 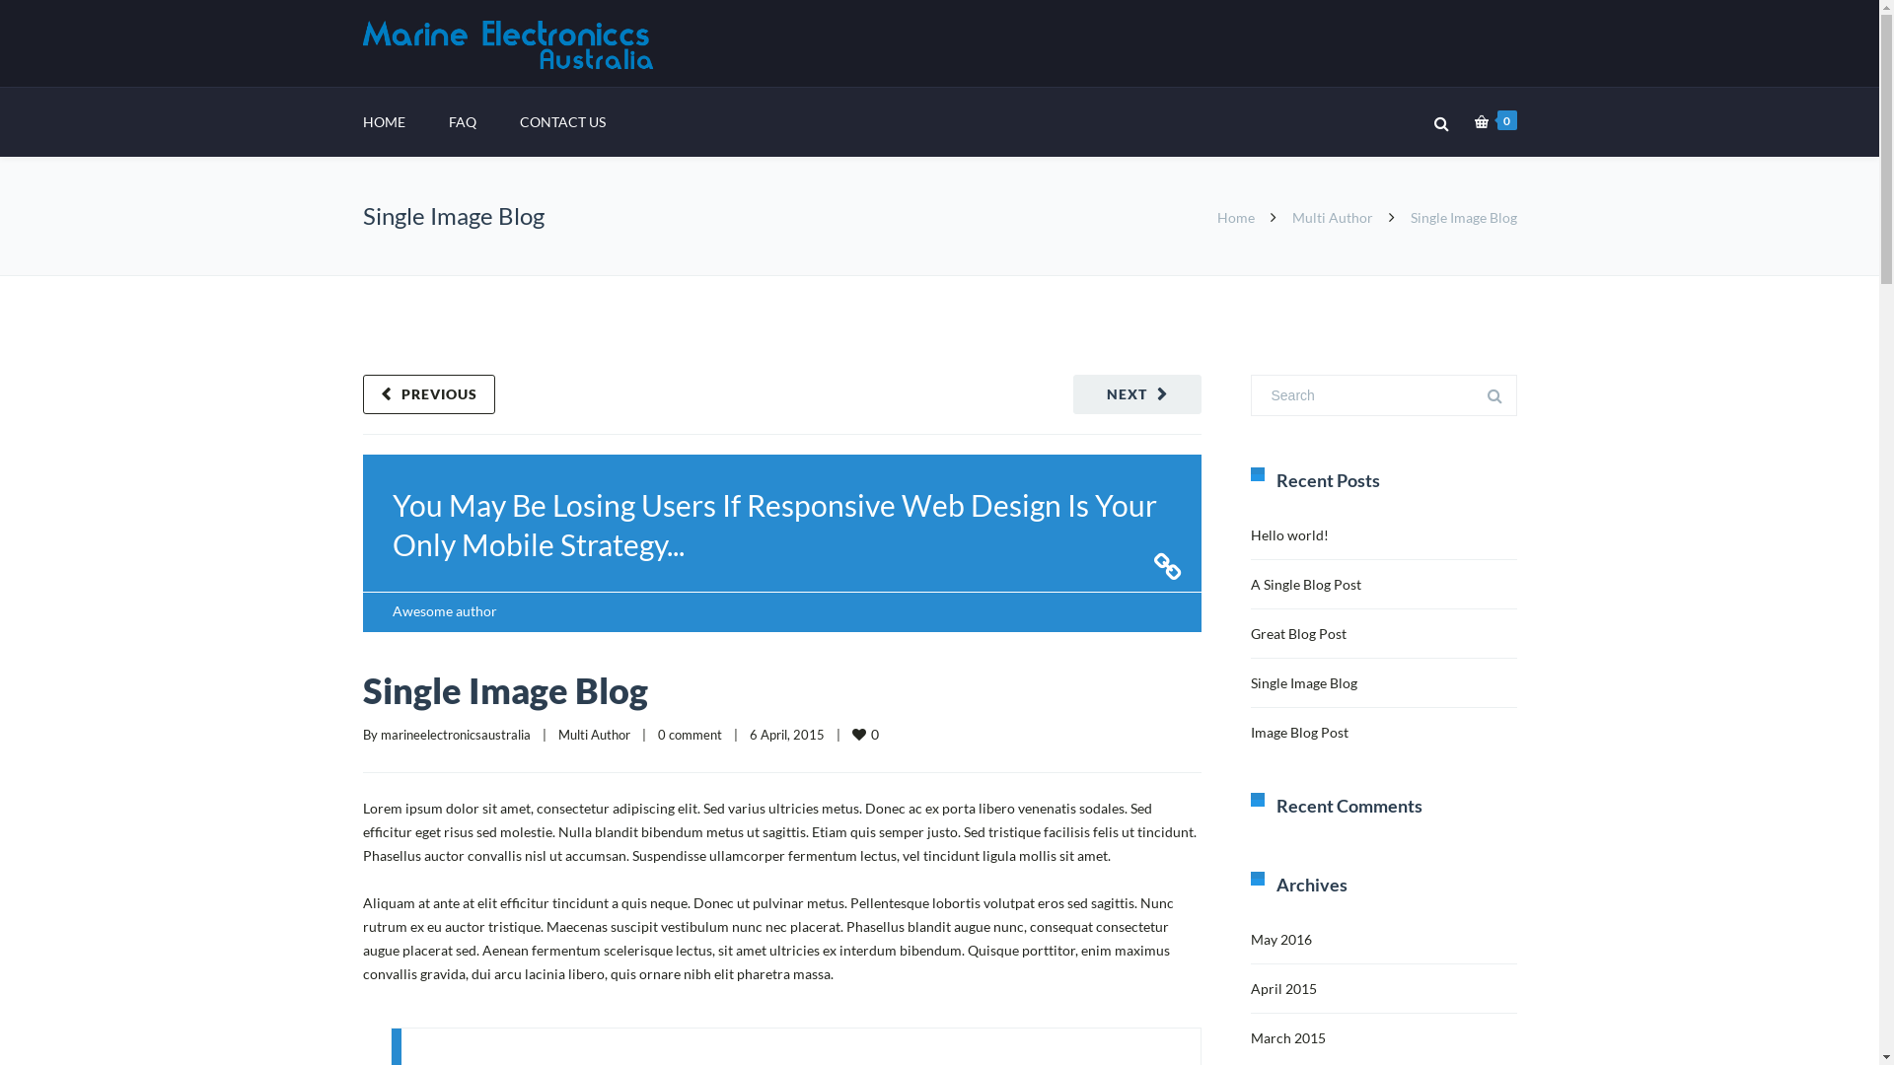 What do you see at coordinates (557, 734) in the screenshot?
I see `'Multi Author'` at bounding box center [557, 734].